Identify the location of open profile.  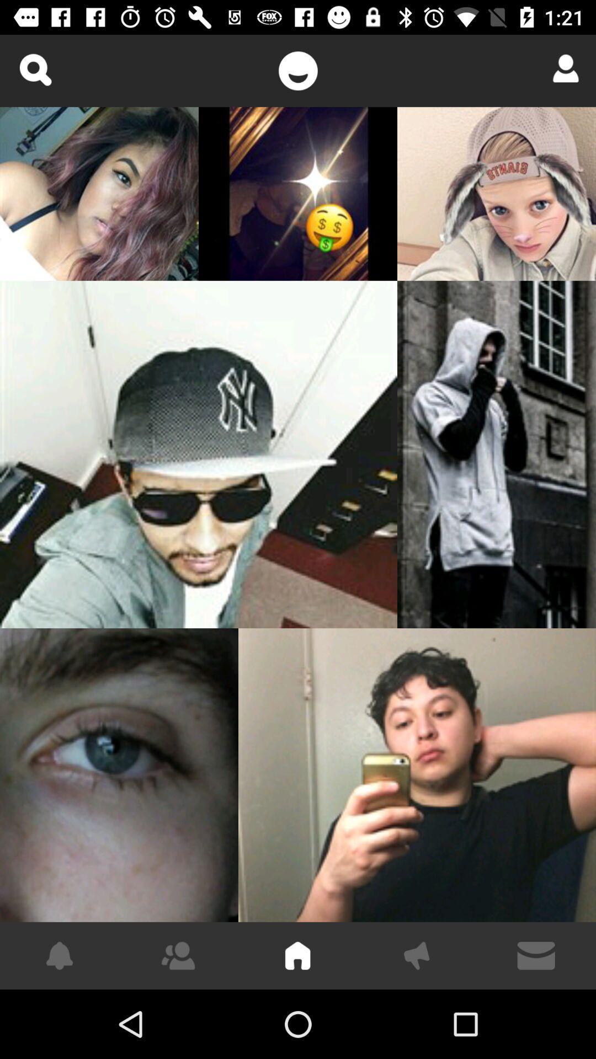
(562, 68).